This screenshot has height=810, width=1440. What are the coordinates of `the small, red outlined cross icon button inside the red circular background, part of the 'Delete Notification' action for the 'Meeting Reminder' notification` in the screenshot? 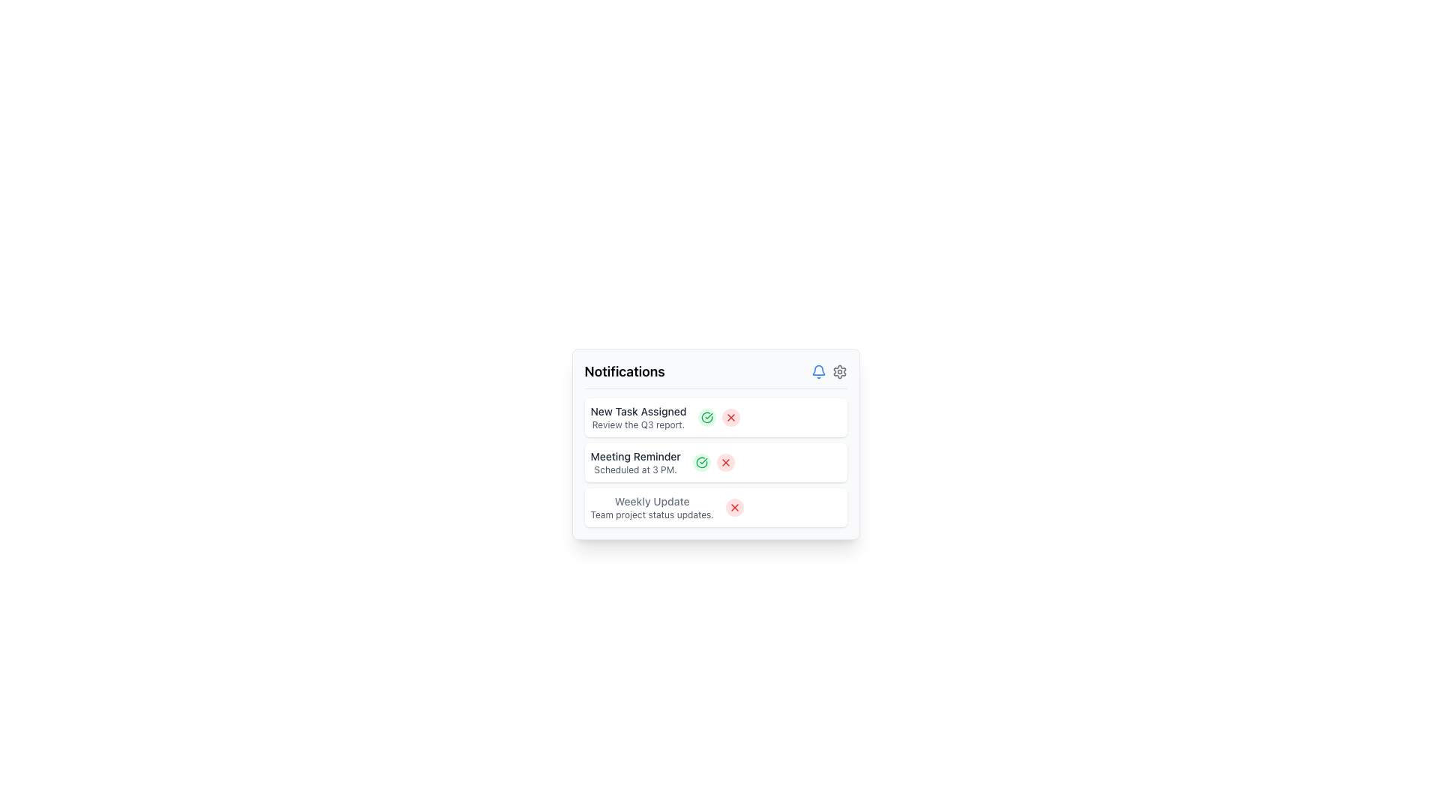 It's located at (725, 462).